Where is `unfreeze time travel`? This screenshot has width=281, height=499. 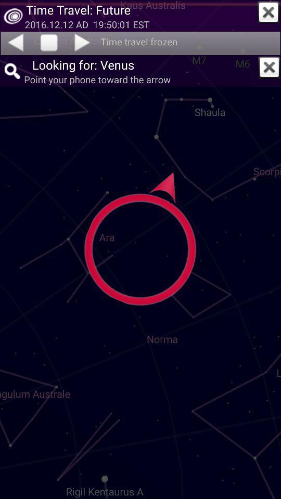
unfreeze time travel is located at coordinates (48, 43).